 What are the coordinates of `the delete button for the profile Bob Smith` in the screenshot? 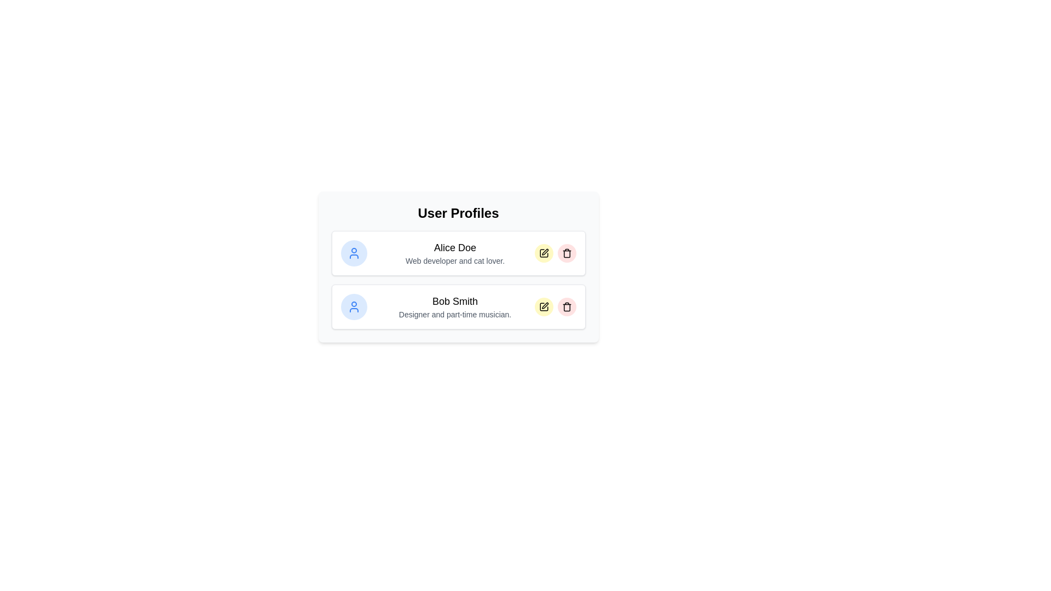 It's located at (567, 306).